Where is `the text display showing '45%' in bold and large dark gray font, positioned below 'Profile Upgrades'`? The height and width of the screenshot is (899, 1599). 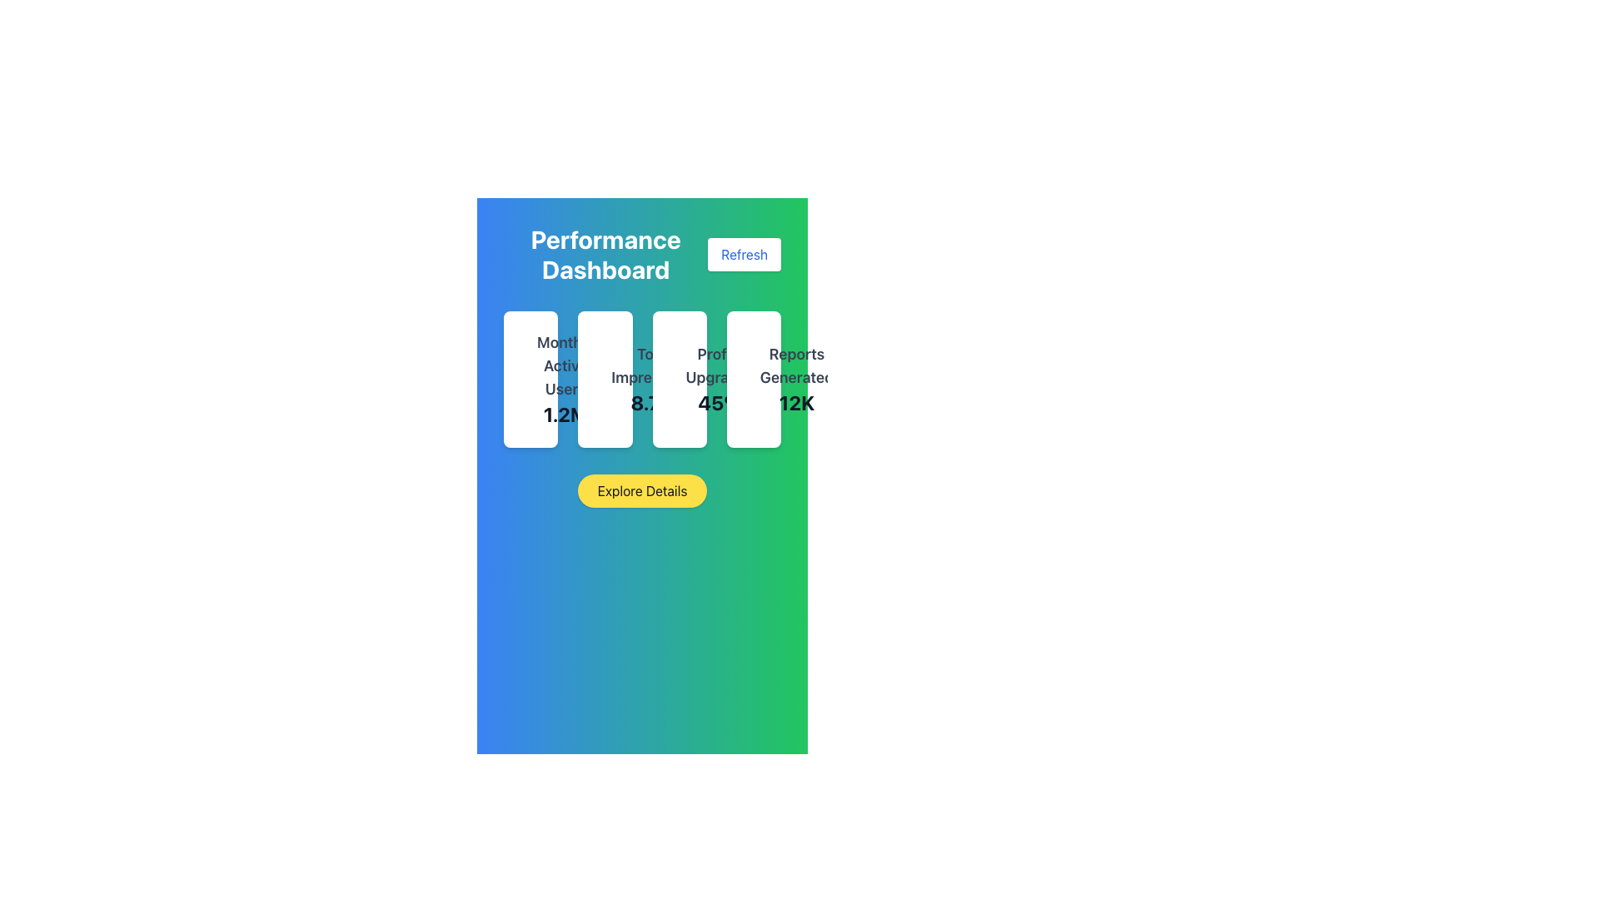
the text display showing '45%' in bold and large dark gray font, positioned below 'Profile Upgrades' is located at coordinates (720, 402).